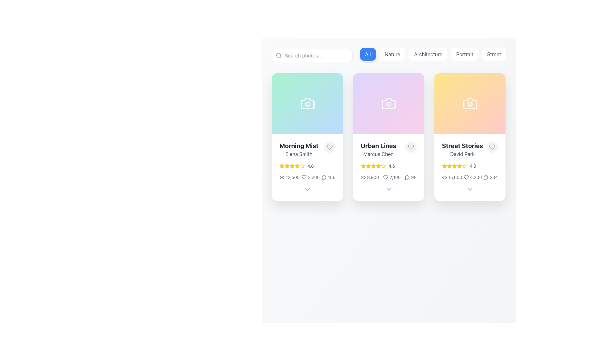 The height and width of the screenshot is (341, 607). What do you see at coordinates (312, 55) in the screenshot?
I see `the search input field with rounded edges and a gray border to focus on the input area` at bounding box center [312, 55].